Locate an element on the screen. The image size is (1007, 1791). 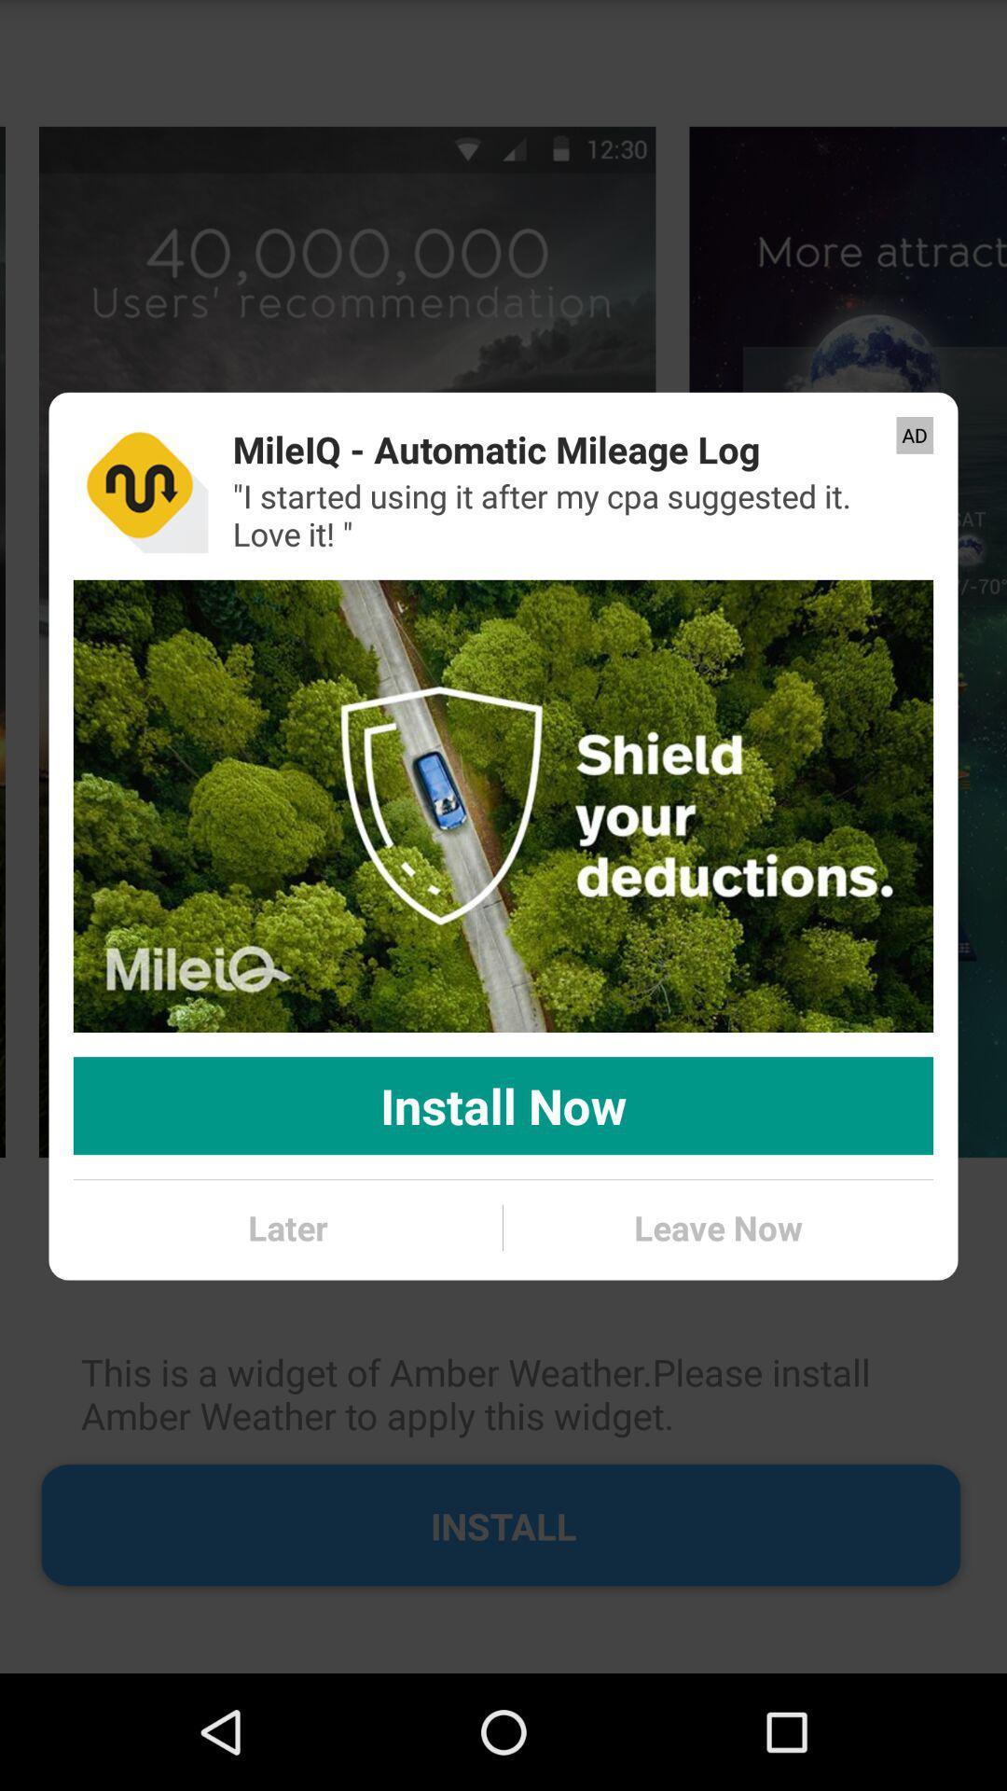
app to the left of mileiq automatic mileage icon is located at coordinates (140, 485).